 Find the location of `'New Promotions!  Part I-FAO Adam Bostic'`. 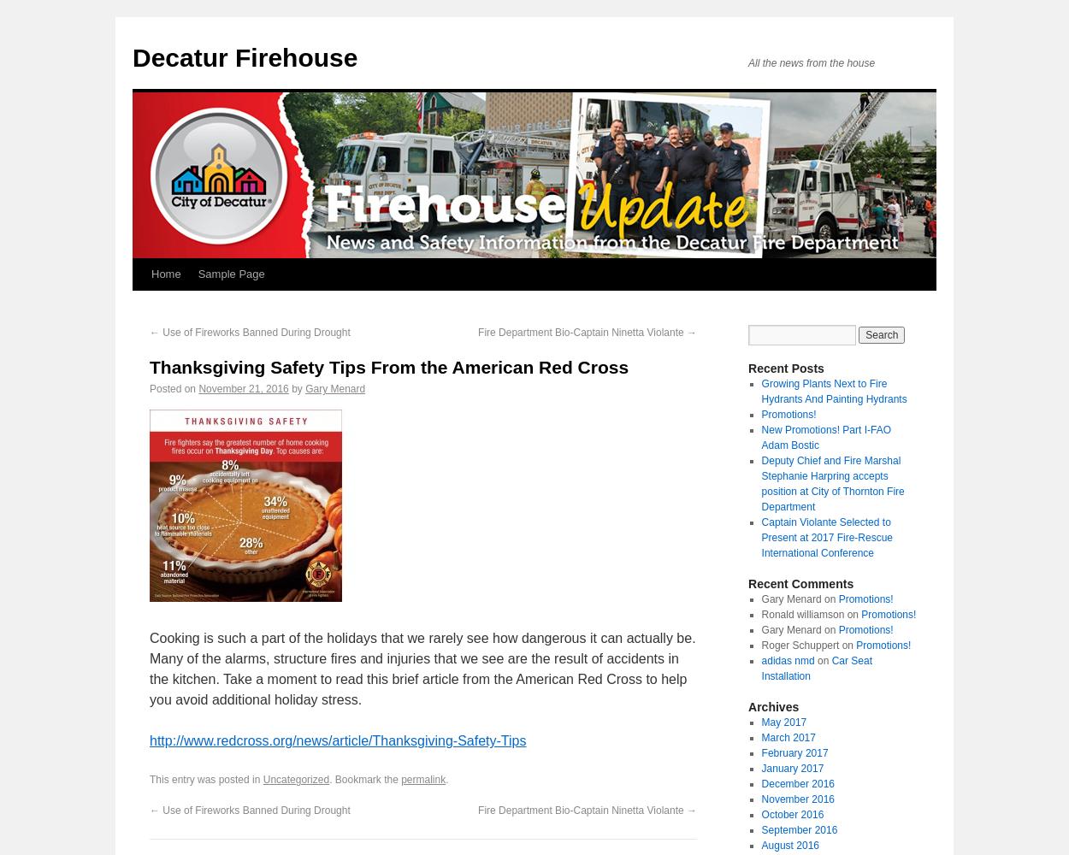

'New Promotions!  Part I-FAO Adam Bostic' is located at coordinates (761, 438).